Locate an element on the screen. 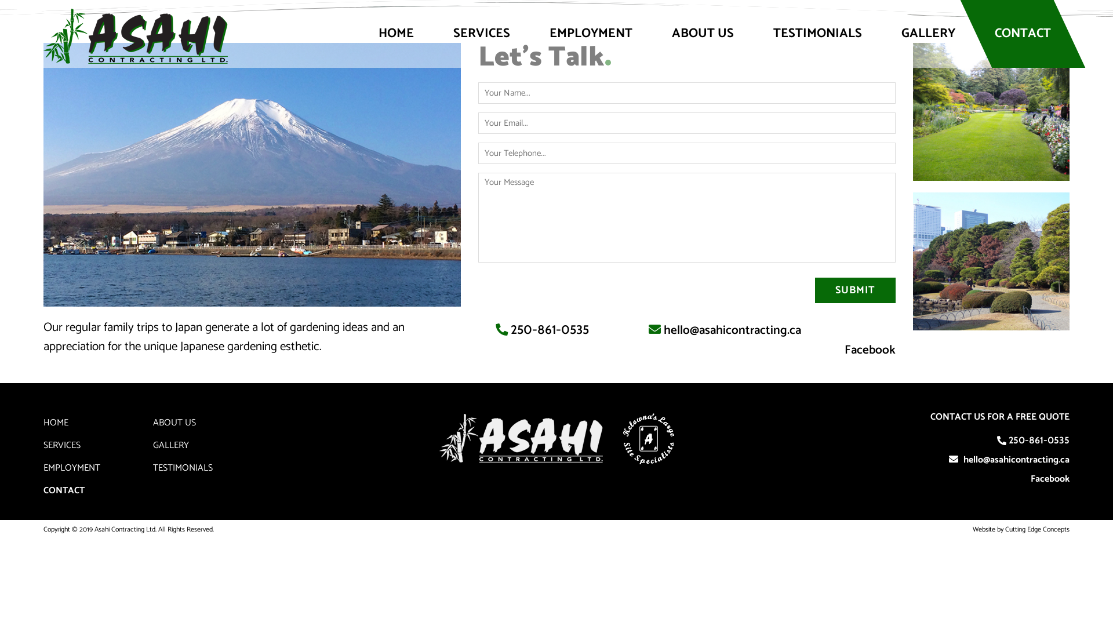 The height and width of the screenshot is (626, 1113). 'Cutting Edge Concepts' is located at coordinates (1037, 529).